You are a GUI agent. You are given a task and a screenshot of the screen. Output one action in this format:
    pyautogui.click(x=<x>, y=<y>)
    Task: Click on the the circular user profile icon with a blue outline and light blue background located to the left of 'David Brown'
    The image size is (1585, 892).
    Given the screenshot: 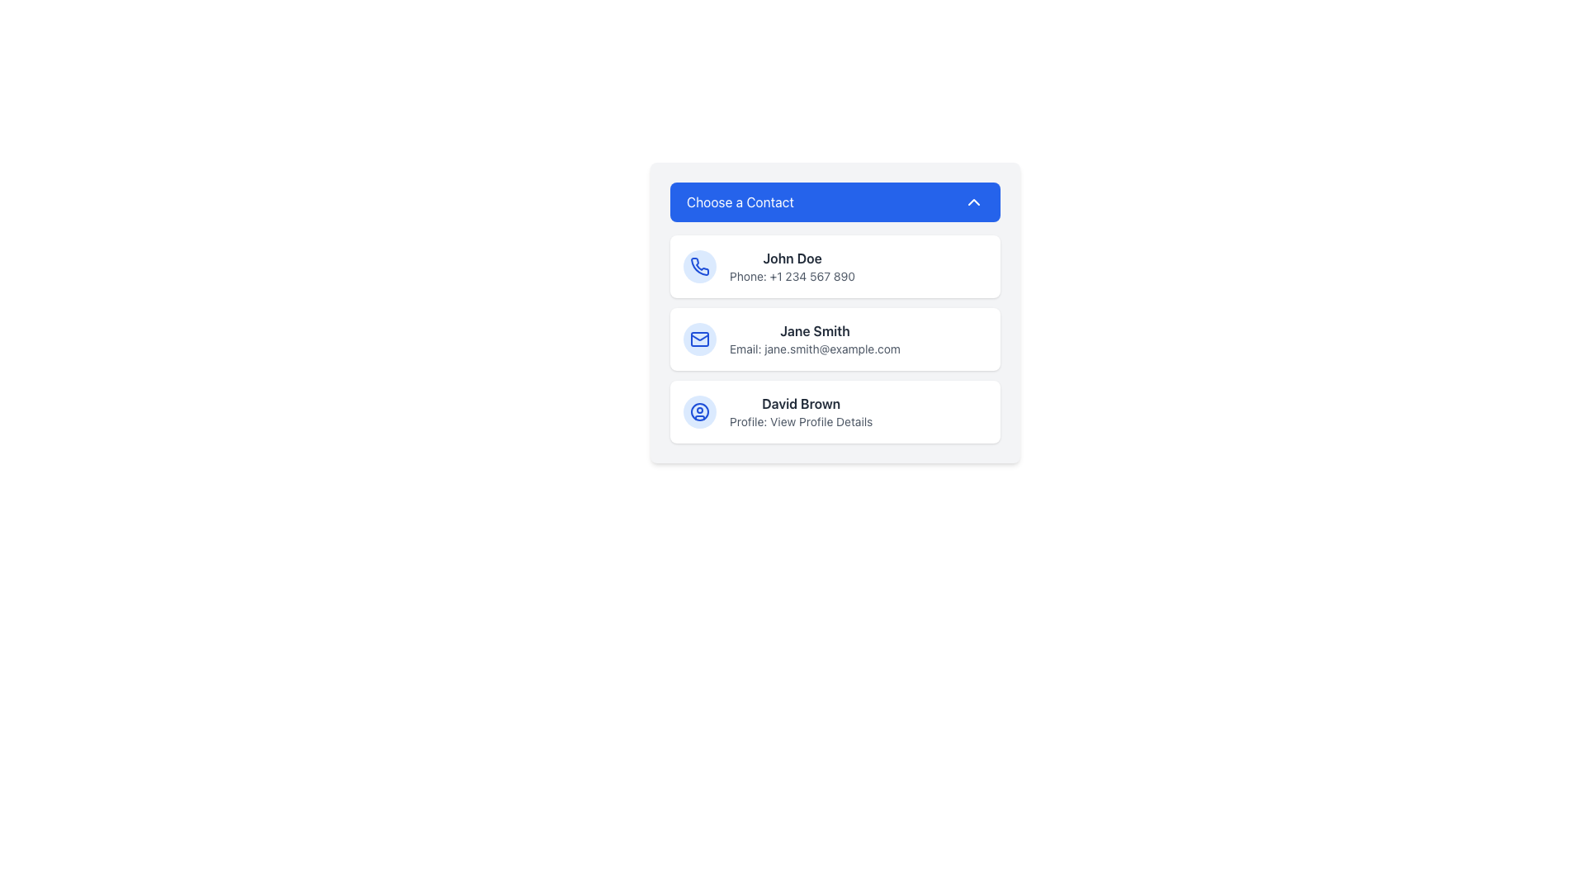 What is the action you would take?
    pyautogui.click(x=700, y=410)
    